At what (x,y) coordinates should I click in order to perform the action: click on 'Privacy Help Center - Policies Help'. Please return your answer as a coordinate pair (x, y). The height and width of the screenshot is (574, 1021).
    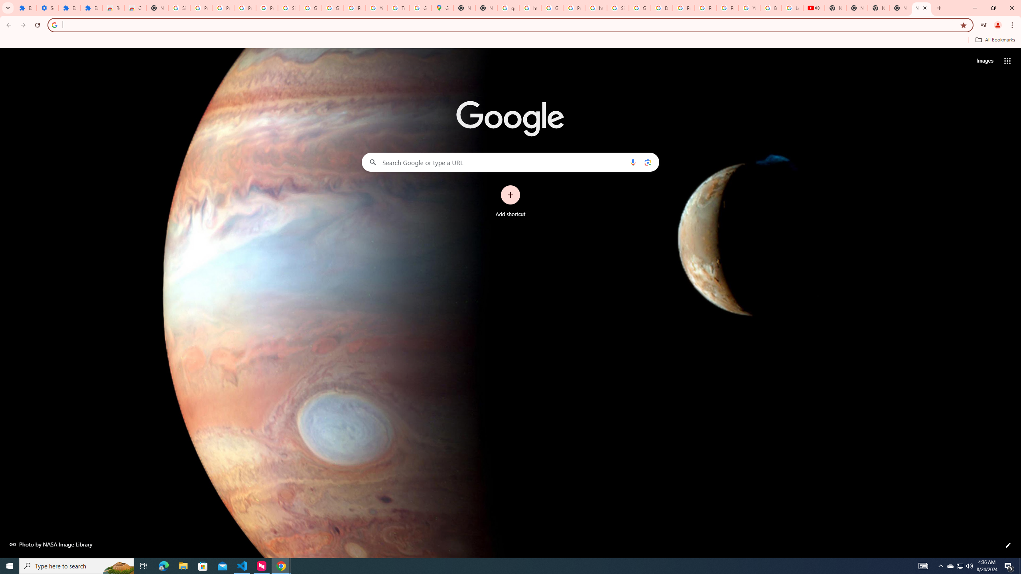
    Looking at the image, I should click on (683, 8).